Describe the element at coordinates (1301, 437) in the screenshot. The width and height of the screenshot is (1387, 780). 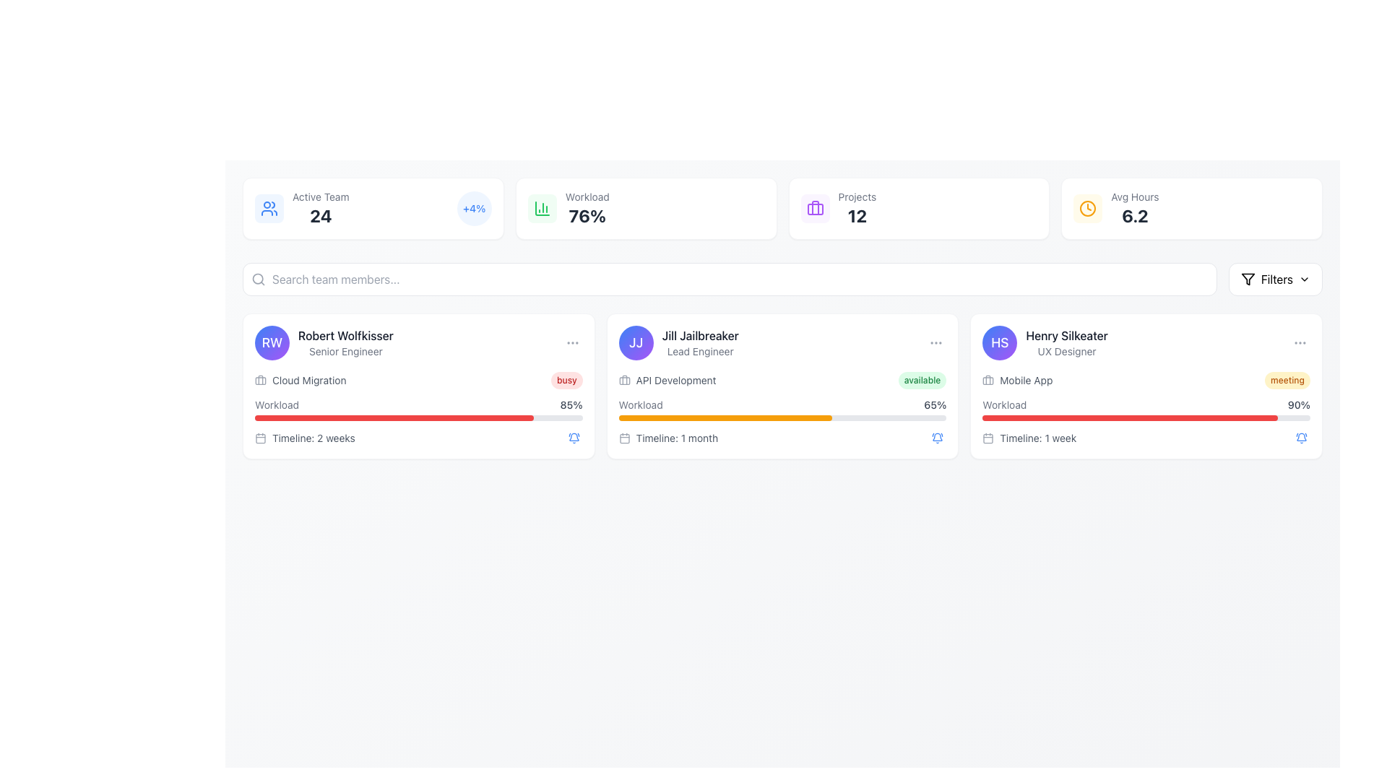
I see `the small, rounded rectangular button with a blue bell icon located at the far right of the 'Henry Silkeater' card to observe the hover effect` at that location.